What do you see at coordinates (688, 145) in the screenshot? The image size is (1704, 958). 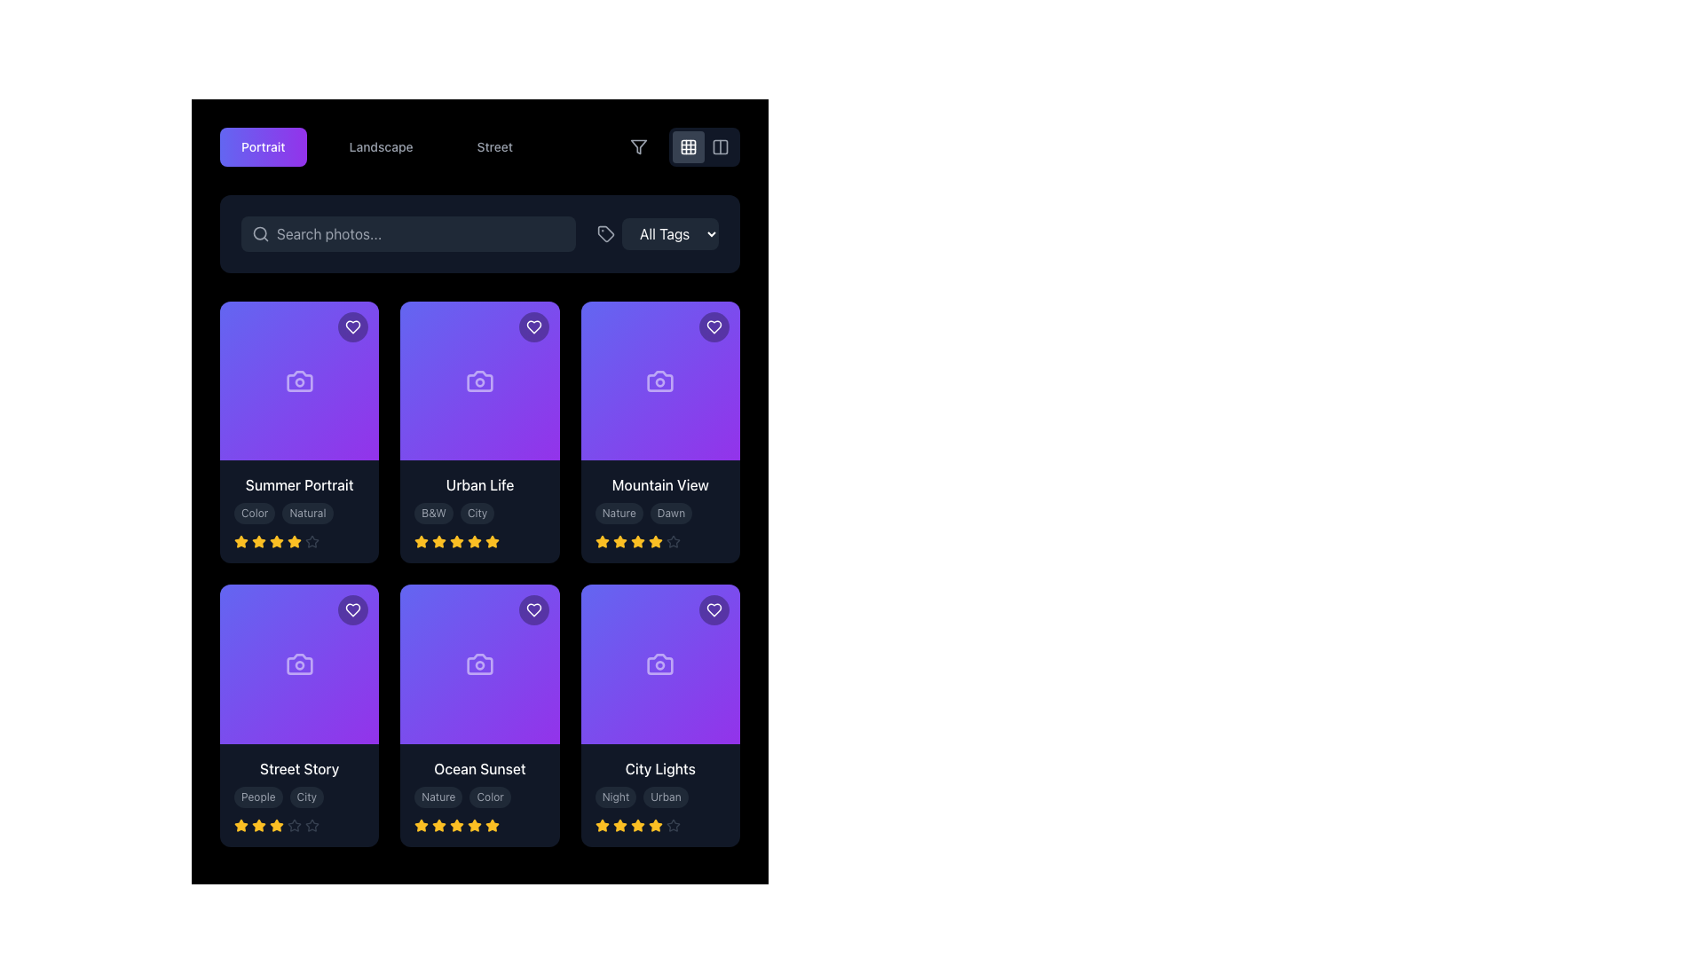 I see `the central square of the 3x3 grid icon located near the top-right corner of the application interface to change the view mode` at bounding box center [688, 145].